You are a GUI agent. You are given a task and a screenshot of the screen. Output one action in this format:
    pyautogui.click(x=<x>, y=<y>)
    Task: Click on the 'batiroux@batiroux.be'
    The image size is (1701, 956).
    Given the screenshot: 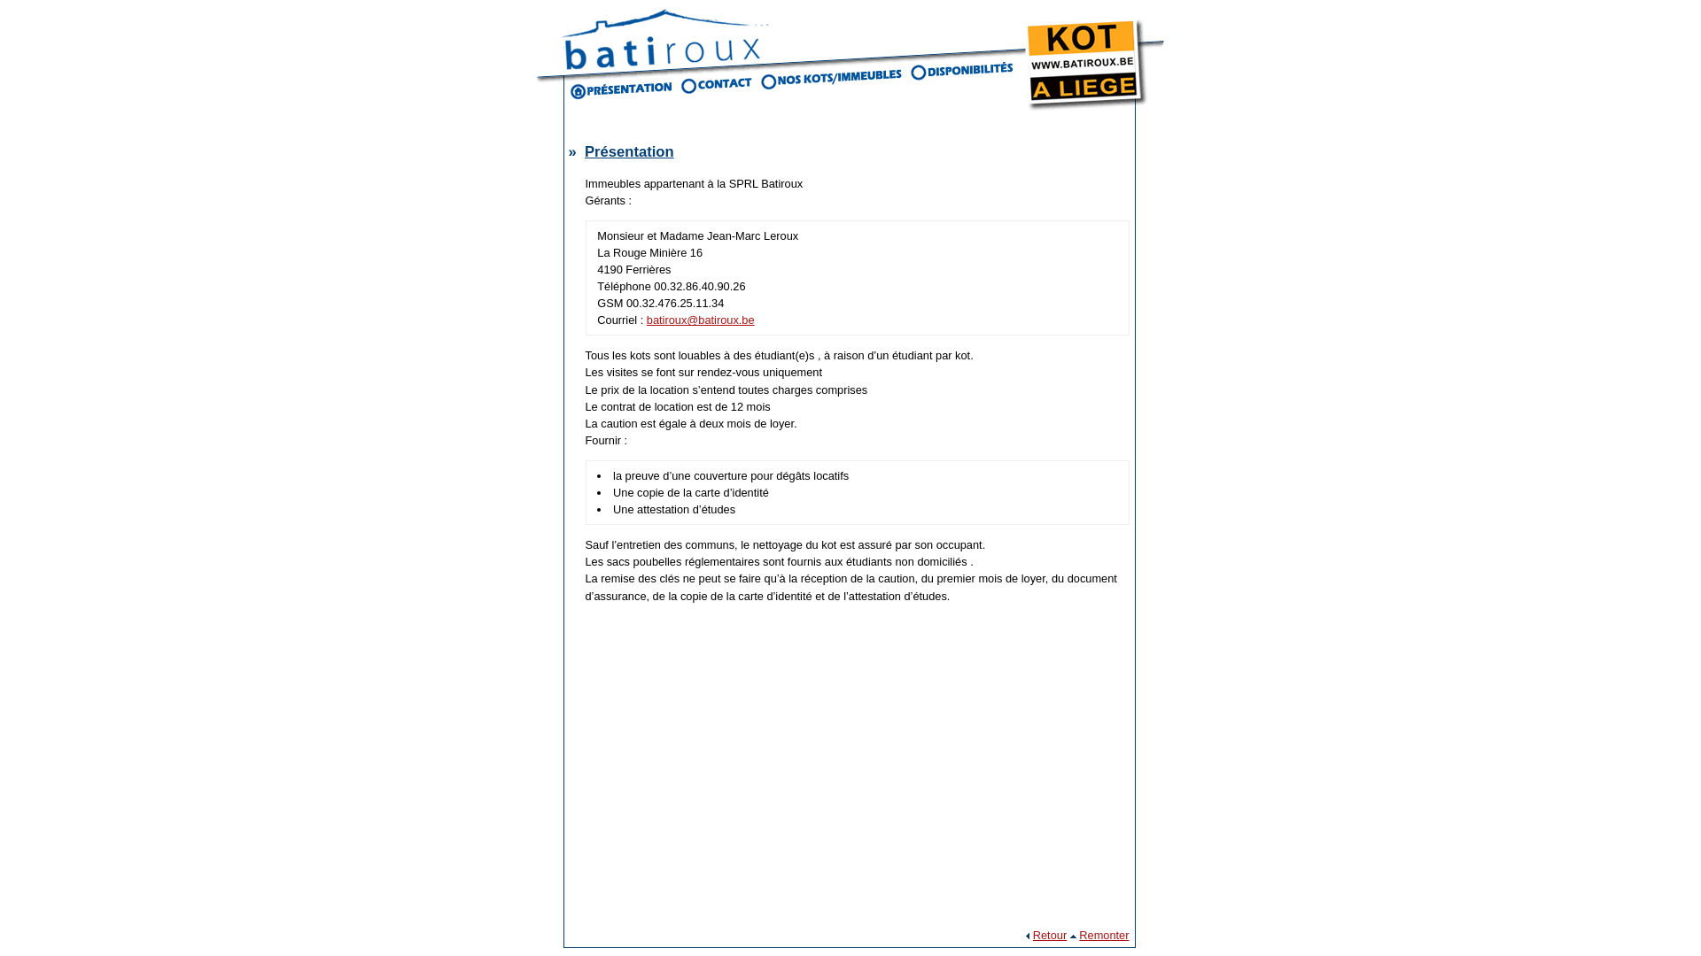 What is the action you would take?
    pyautogui.click(x=700, y=320)
    